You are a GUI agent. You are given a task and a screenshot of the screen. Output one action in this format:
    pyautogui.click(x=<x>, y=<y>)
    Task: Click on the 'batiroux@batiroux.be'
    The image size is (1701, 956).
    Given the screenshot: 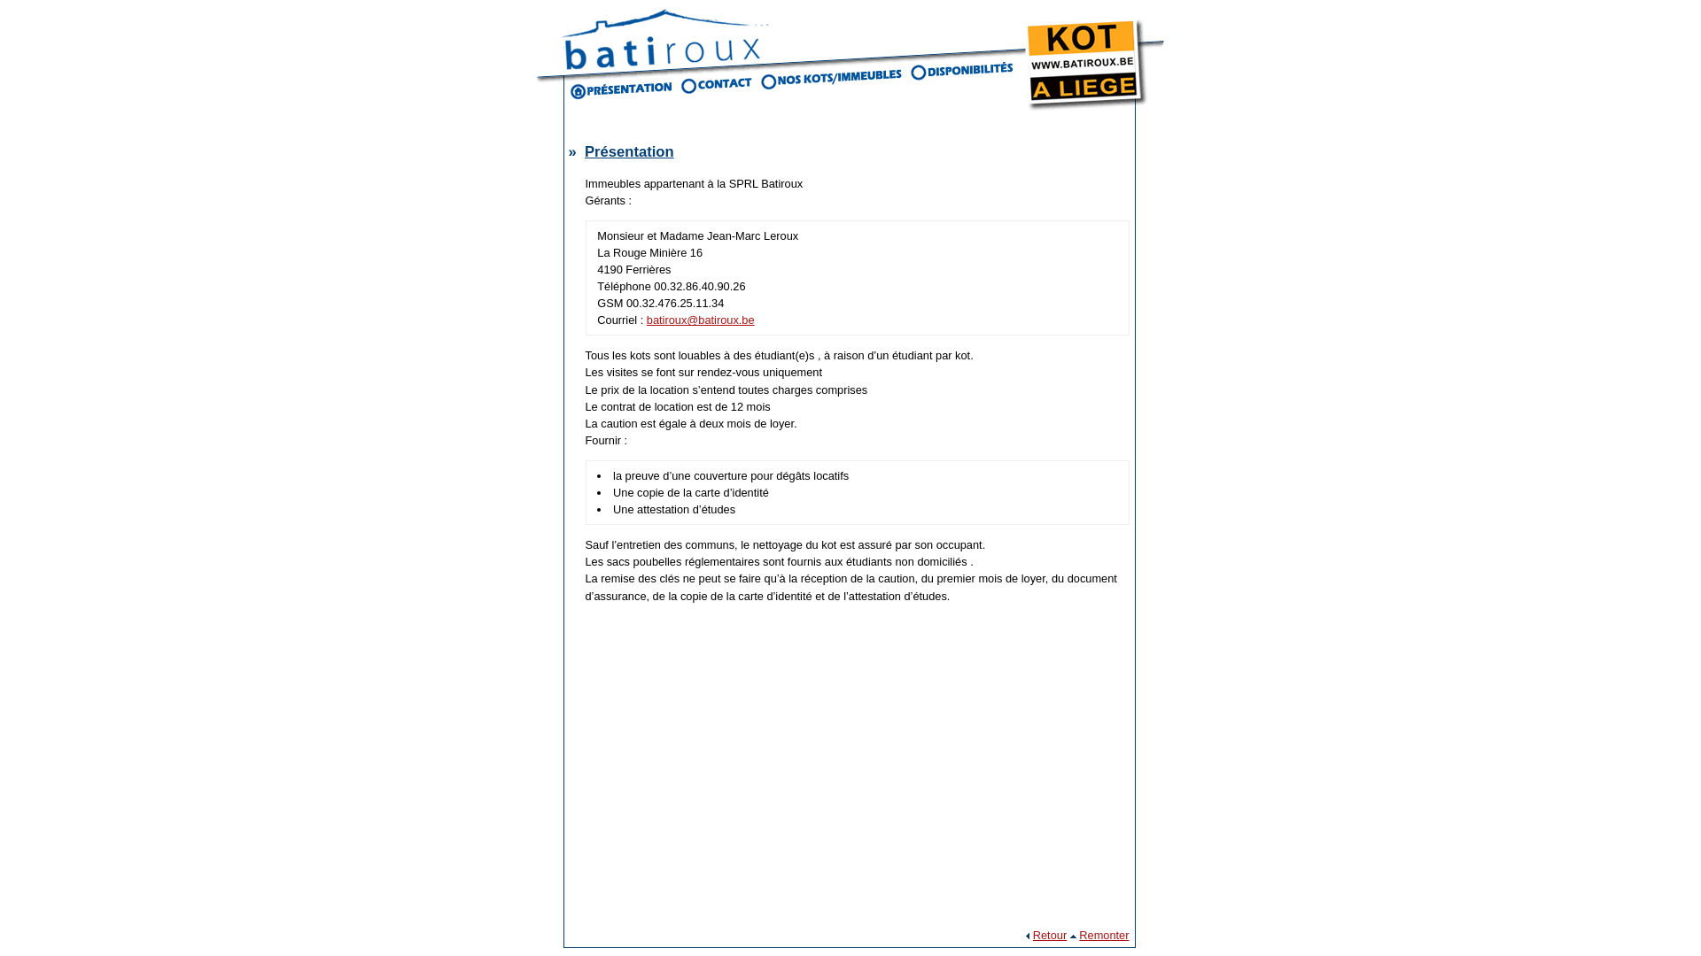 What is the action you would take?
    pyautogui.click(x=700, y=320)
    